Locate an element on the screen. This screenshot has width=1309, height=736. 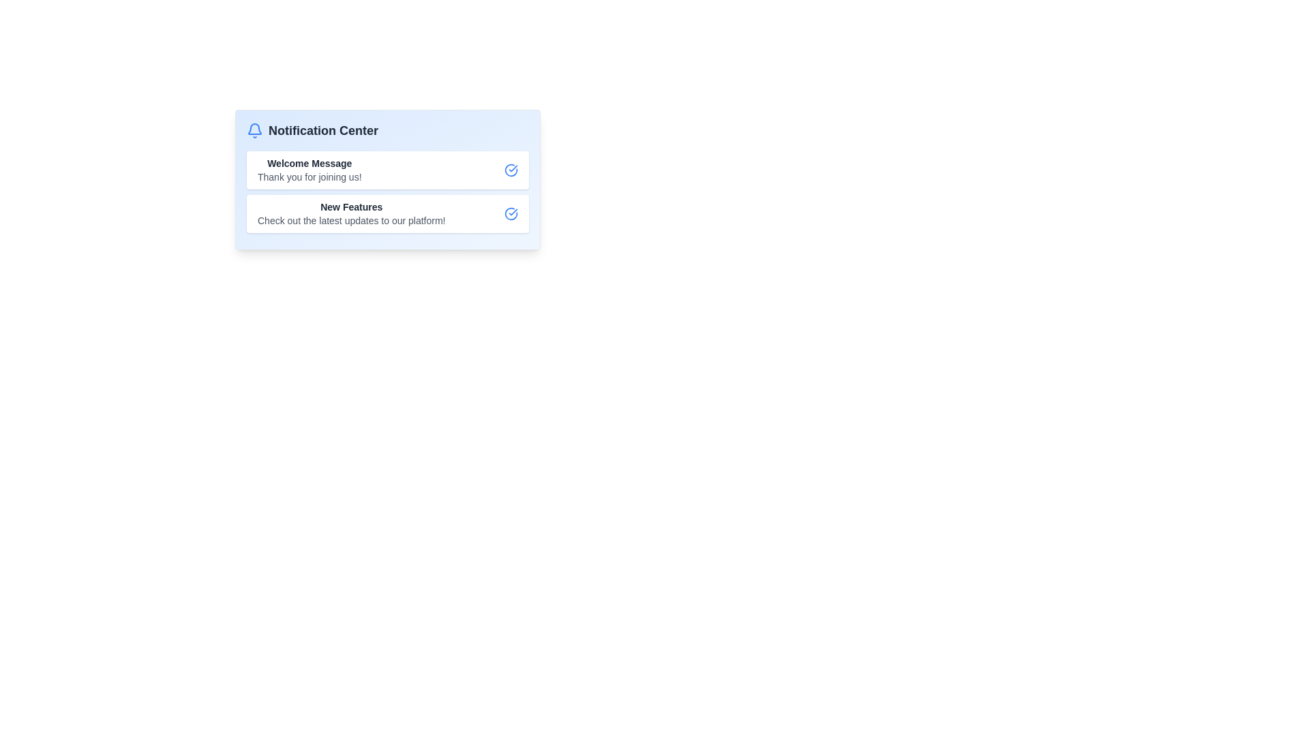
the text label that signifies the content of the notification area, positioned to the right of the bell icon is located at coordinates (322, 131).